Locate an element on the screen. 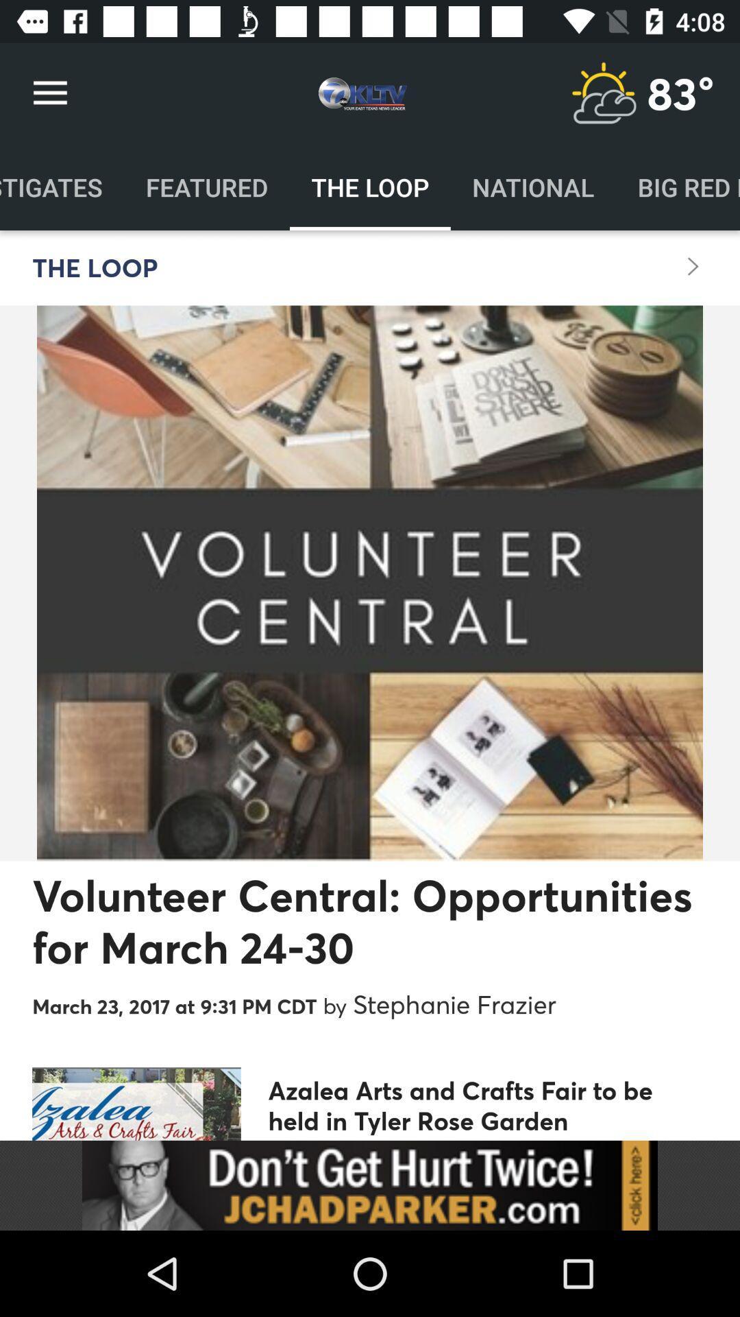 The height and width of the screenshot is (1317, 740). advertisement option is located at coordinates (370, 1185).